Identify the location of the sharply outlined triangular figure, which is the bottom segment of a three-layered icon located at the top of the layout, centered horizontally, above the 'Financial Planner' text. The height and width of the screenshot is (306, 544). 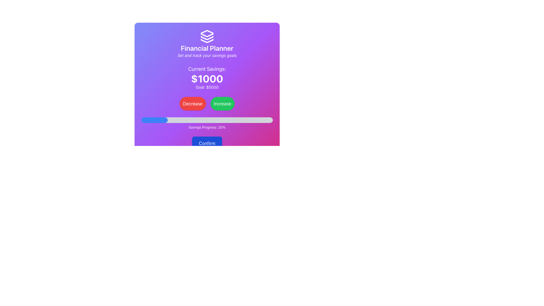
(207, 41).